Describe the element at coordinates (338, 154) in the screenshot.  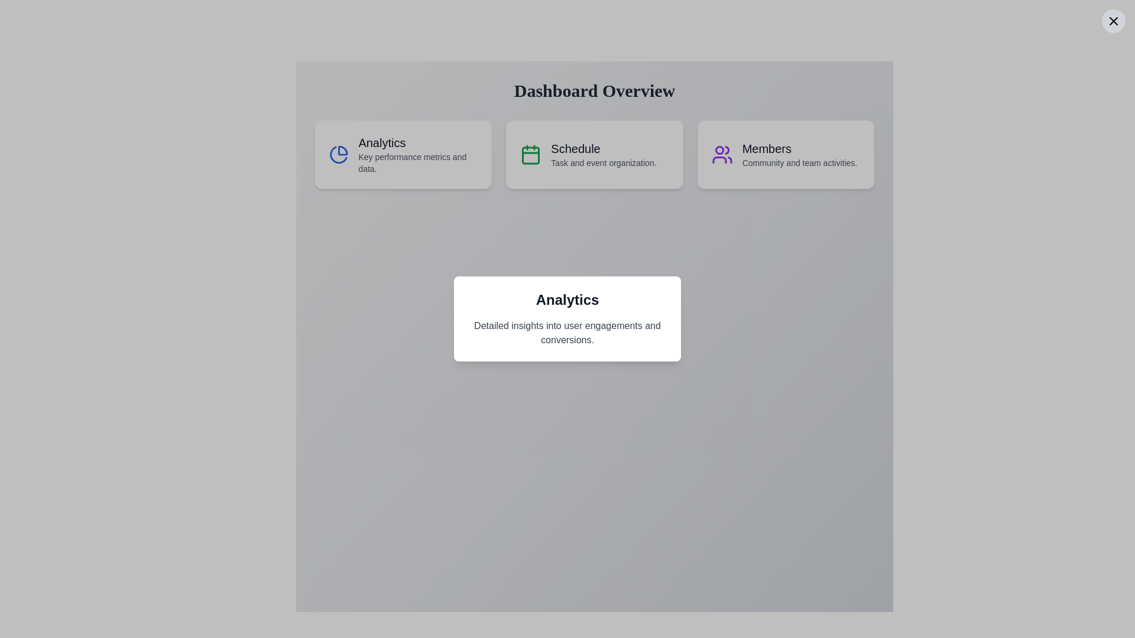
I see `the pie chart icon styled in blue, representing analytics, located in the top-left corner of the dashboard overview section next to the text 'Analytics'` at that location.